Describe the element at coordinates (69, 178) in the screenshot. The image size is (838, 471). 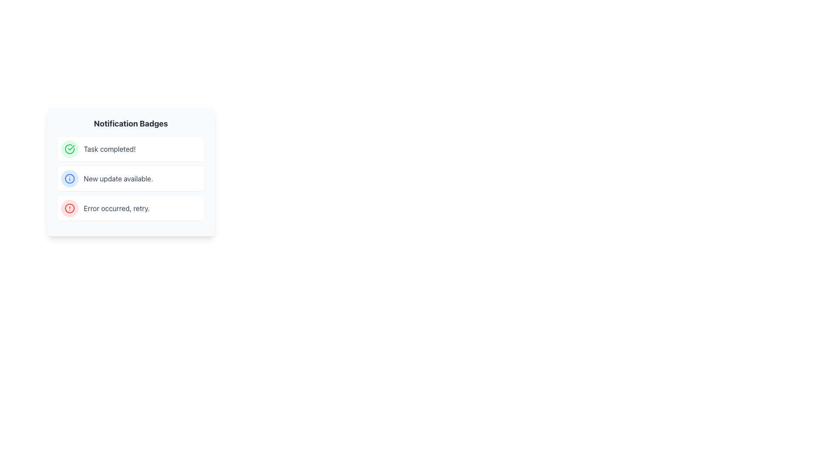
I see `circular icon with a blue border and a central dot, which indicates an informational purpose and is part of a notification badge, located to the left of the text 'New update available.'` at that location.